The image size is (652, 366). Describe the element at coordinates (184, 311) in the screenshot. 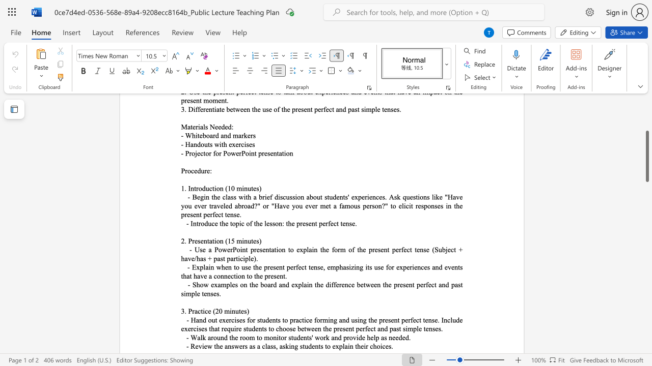

I see `the space between the continuous character "3" and "." in the text` at that location.